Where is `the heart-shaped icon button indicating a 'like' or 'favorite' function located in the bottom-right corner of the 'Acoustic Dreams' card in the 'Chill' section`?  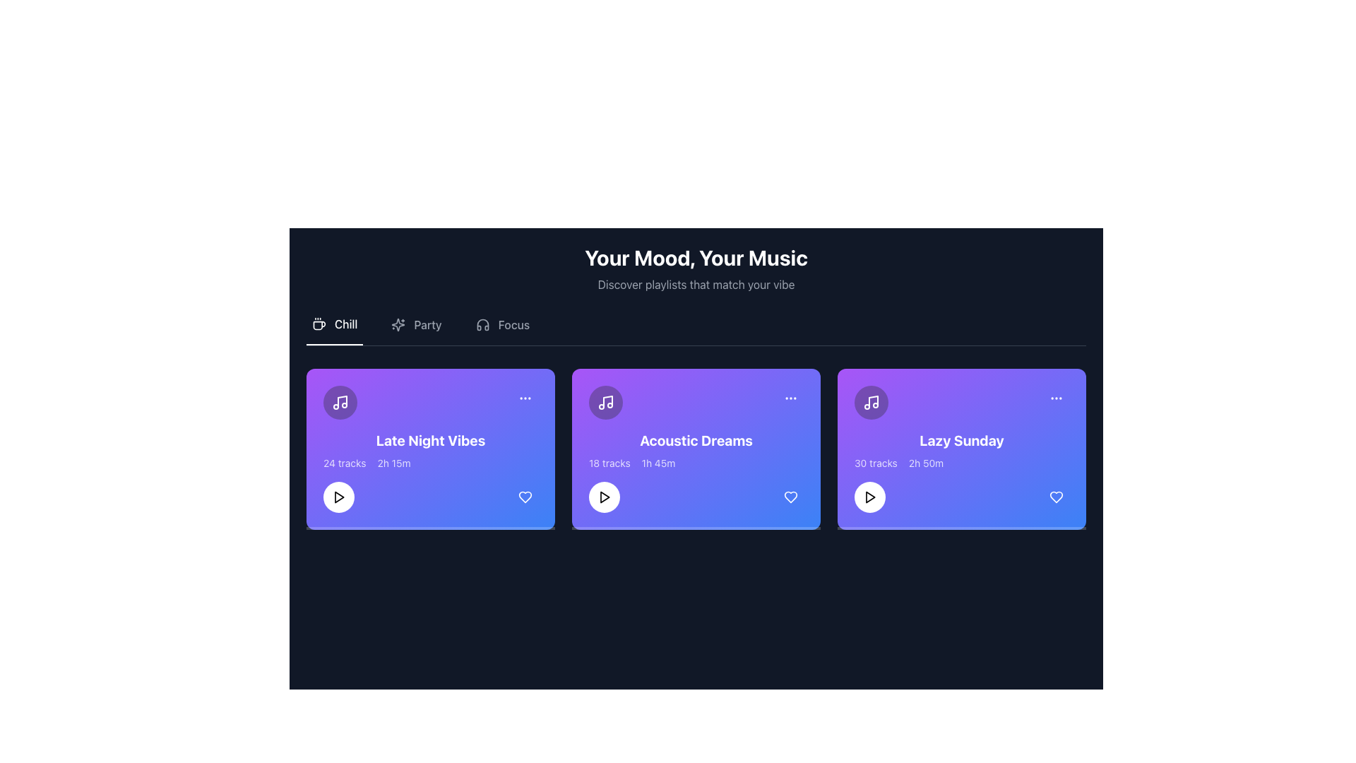 the heart-shaped icon button indicating a 'like' or 'favorite' function located in the bottom-right corner of the 'Acoustic Dreams' card in the 'Chill' section is located at coordinates (790, 497).